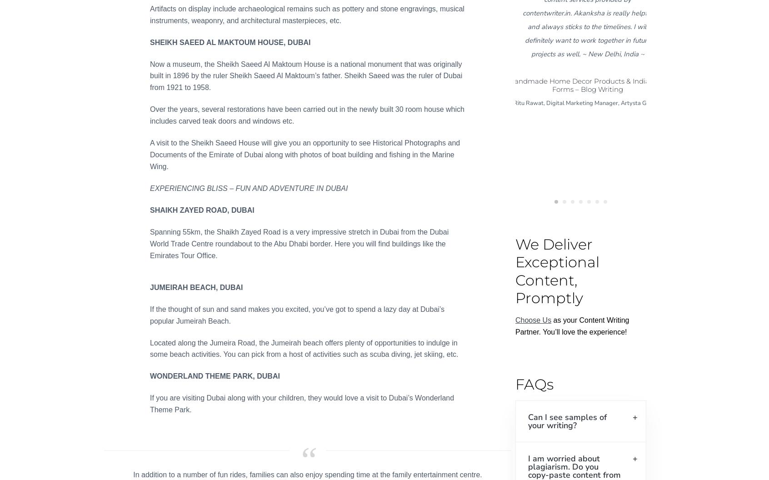  Describe the element at coordinates (514, 270) in the screenshot. I see `'We Deliver Exceptional Content, Promptly'` at that location.